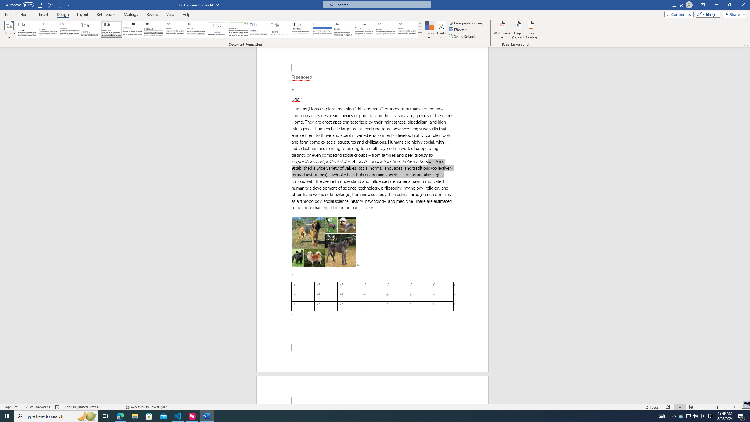 This screenshot has width=750, height=422. Describe the element at coordinates (57, 407) in the screenshot. I see `'Spelling and Grammar Check Errors'` at that location.